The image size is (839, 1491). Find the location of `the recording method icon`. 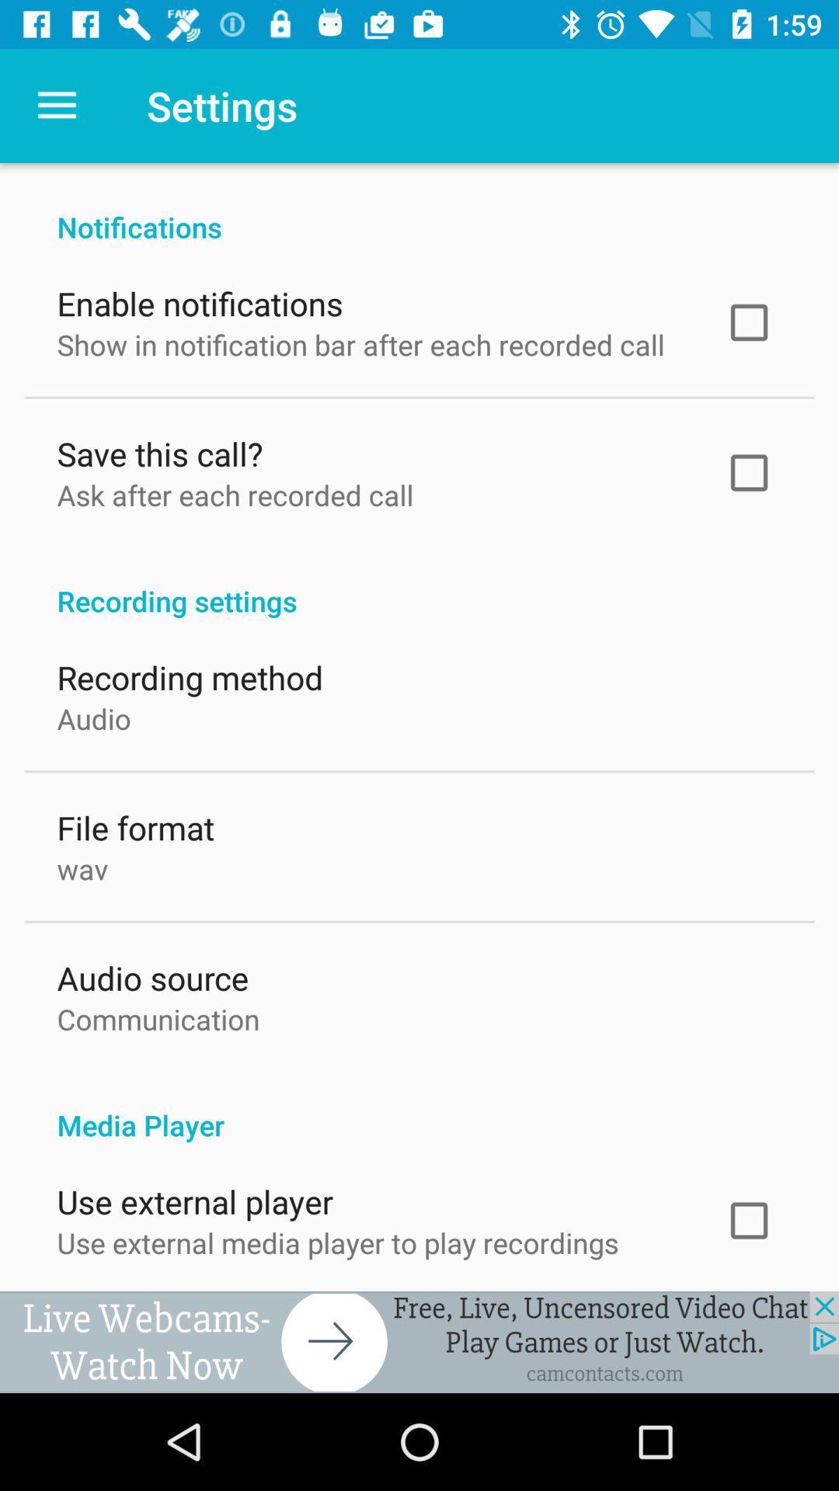

the recording method icon is located at coordinates (189, 673).